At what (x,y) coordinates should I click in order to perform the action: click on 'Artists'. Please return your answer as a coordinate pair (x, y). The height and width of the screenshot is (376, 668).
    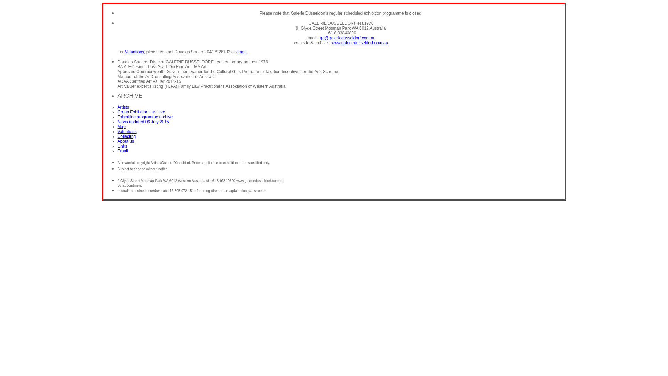
    Looking at the image, I should click on (123, 107).